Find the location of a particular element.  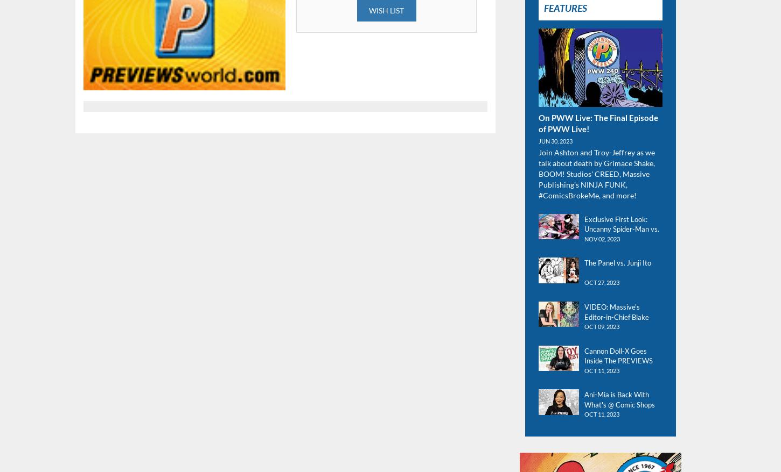

'Nov 02, 2023' is located at coordinates (601, 238).